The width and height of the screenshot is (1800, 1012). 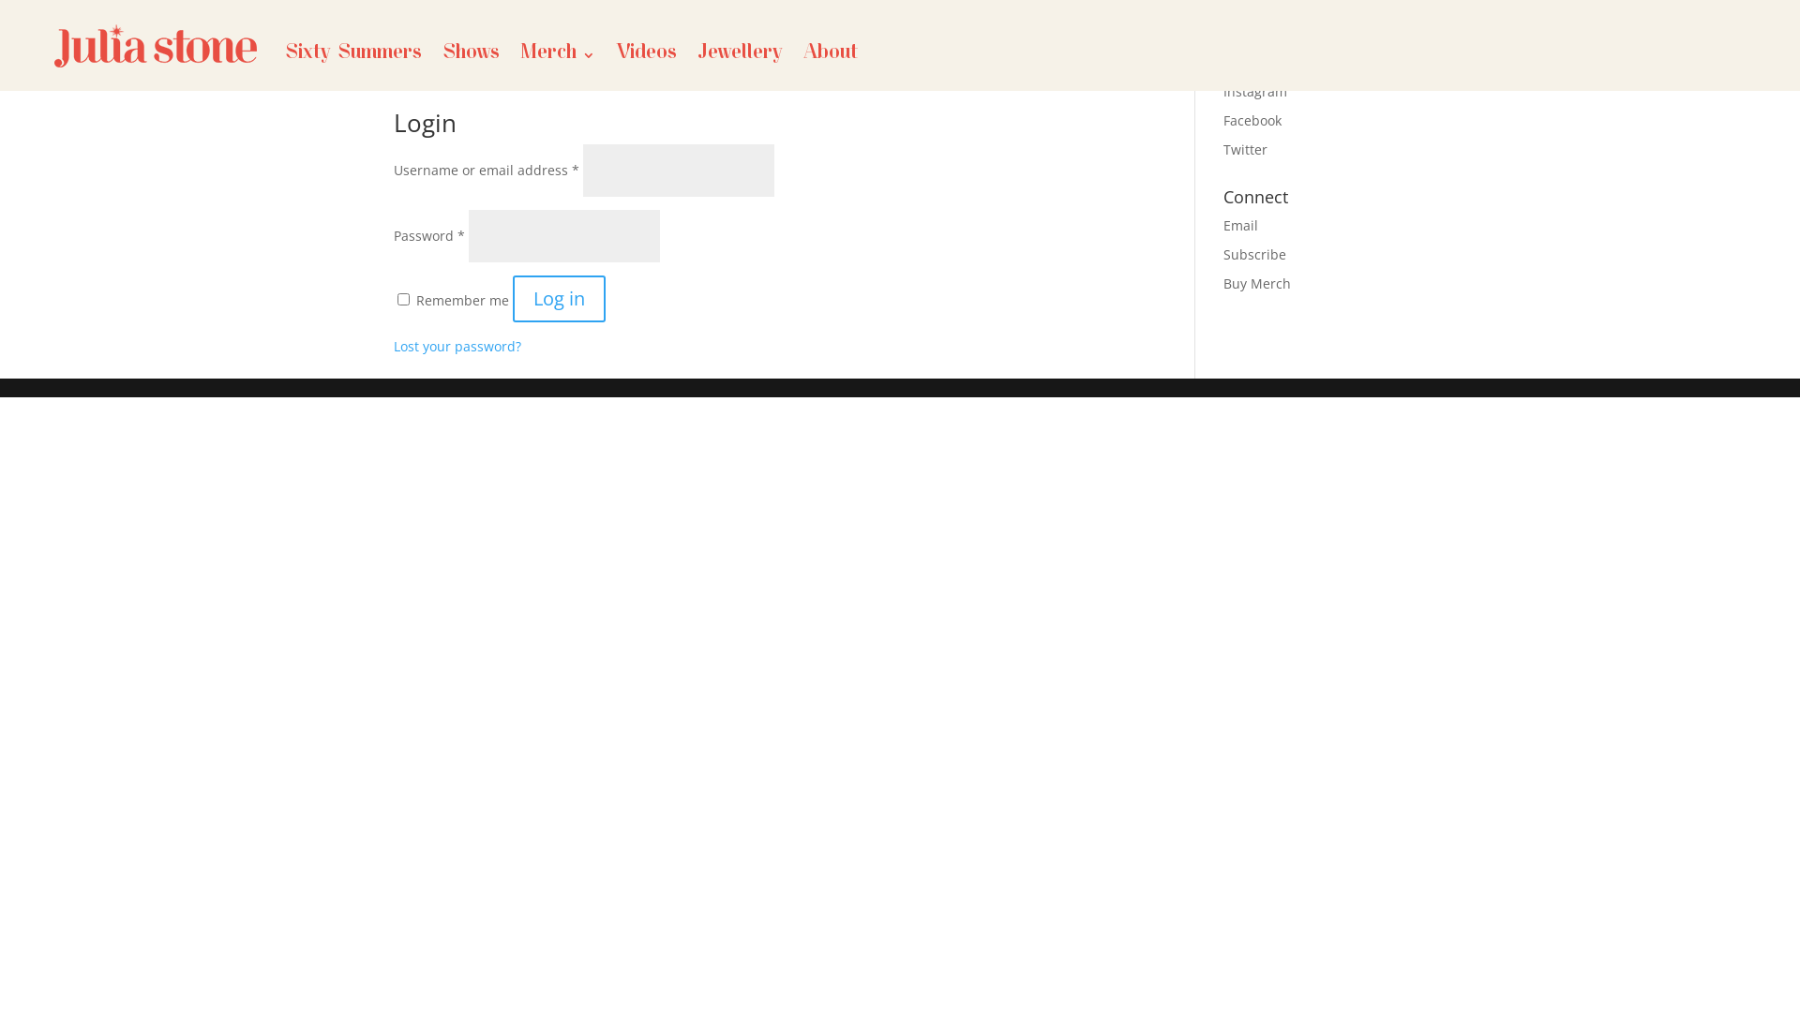 What do you see at coordinates (1240, 224) in the screenshot?
I see `'Email'` at bounding box center [1240, 224].